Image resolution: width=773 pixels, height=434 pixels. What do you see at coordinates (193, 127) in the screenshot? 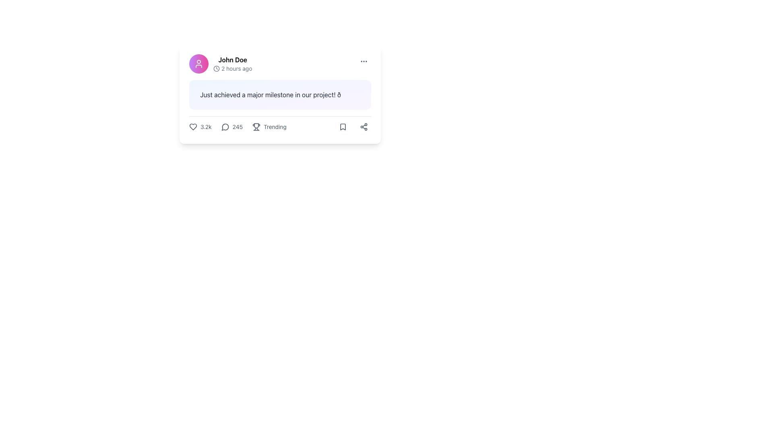
I see `the heart icon located at the leftmost position of the interactive toolbar under the post content` at bounding box center [193, 127].